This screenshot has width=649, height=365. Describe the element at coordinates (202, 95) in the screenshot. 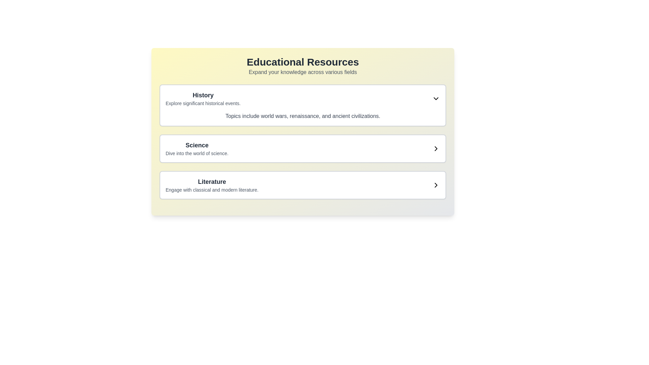

I see `the non-interactive text label indicating the content category 'History' located at the top of the first category box in the main content area` at that location.